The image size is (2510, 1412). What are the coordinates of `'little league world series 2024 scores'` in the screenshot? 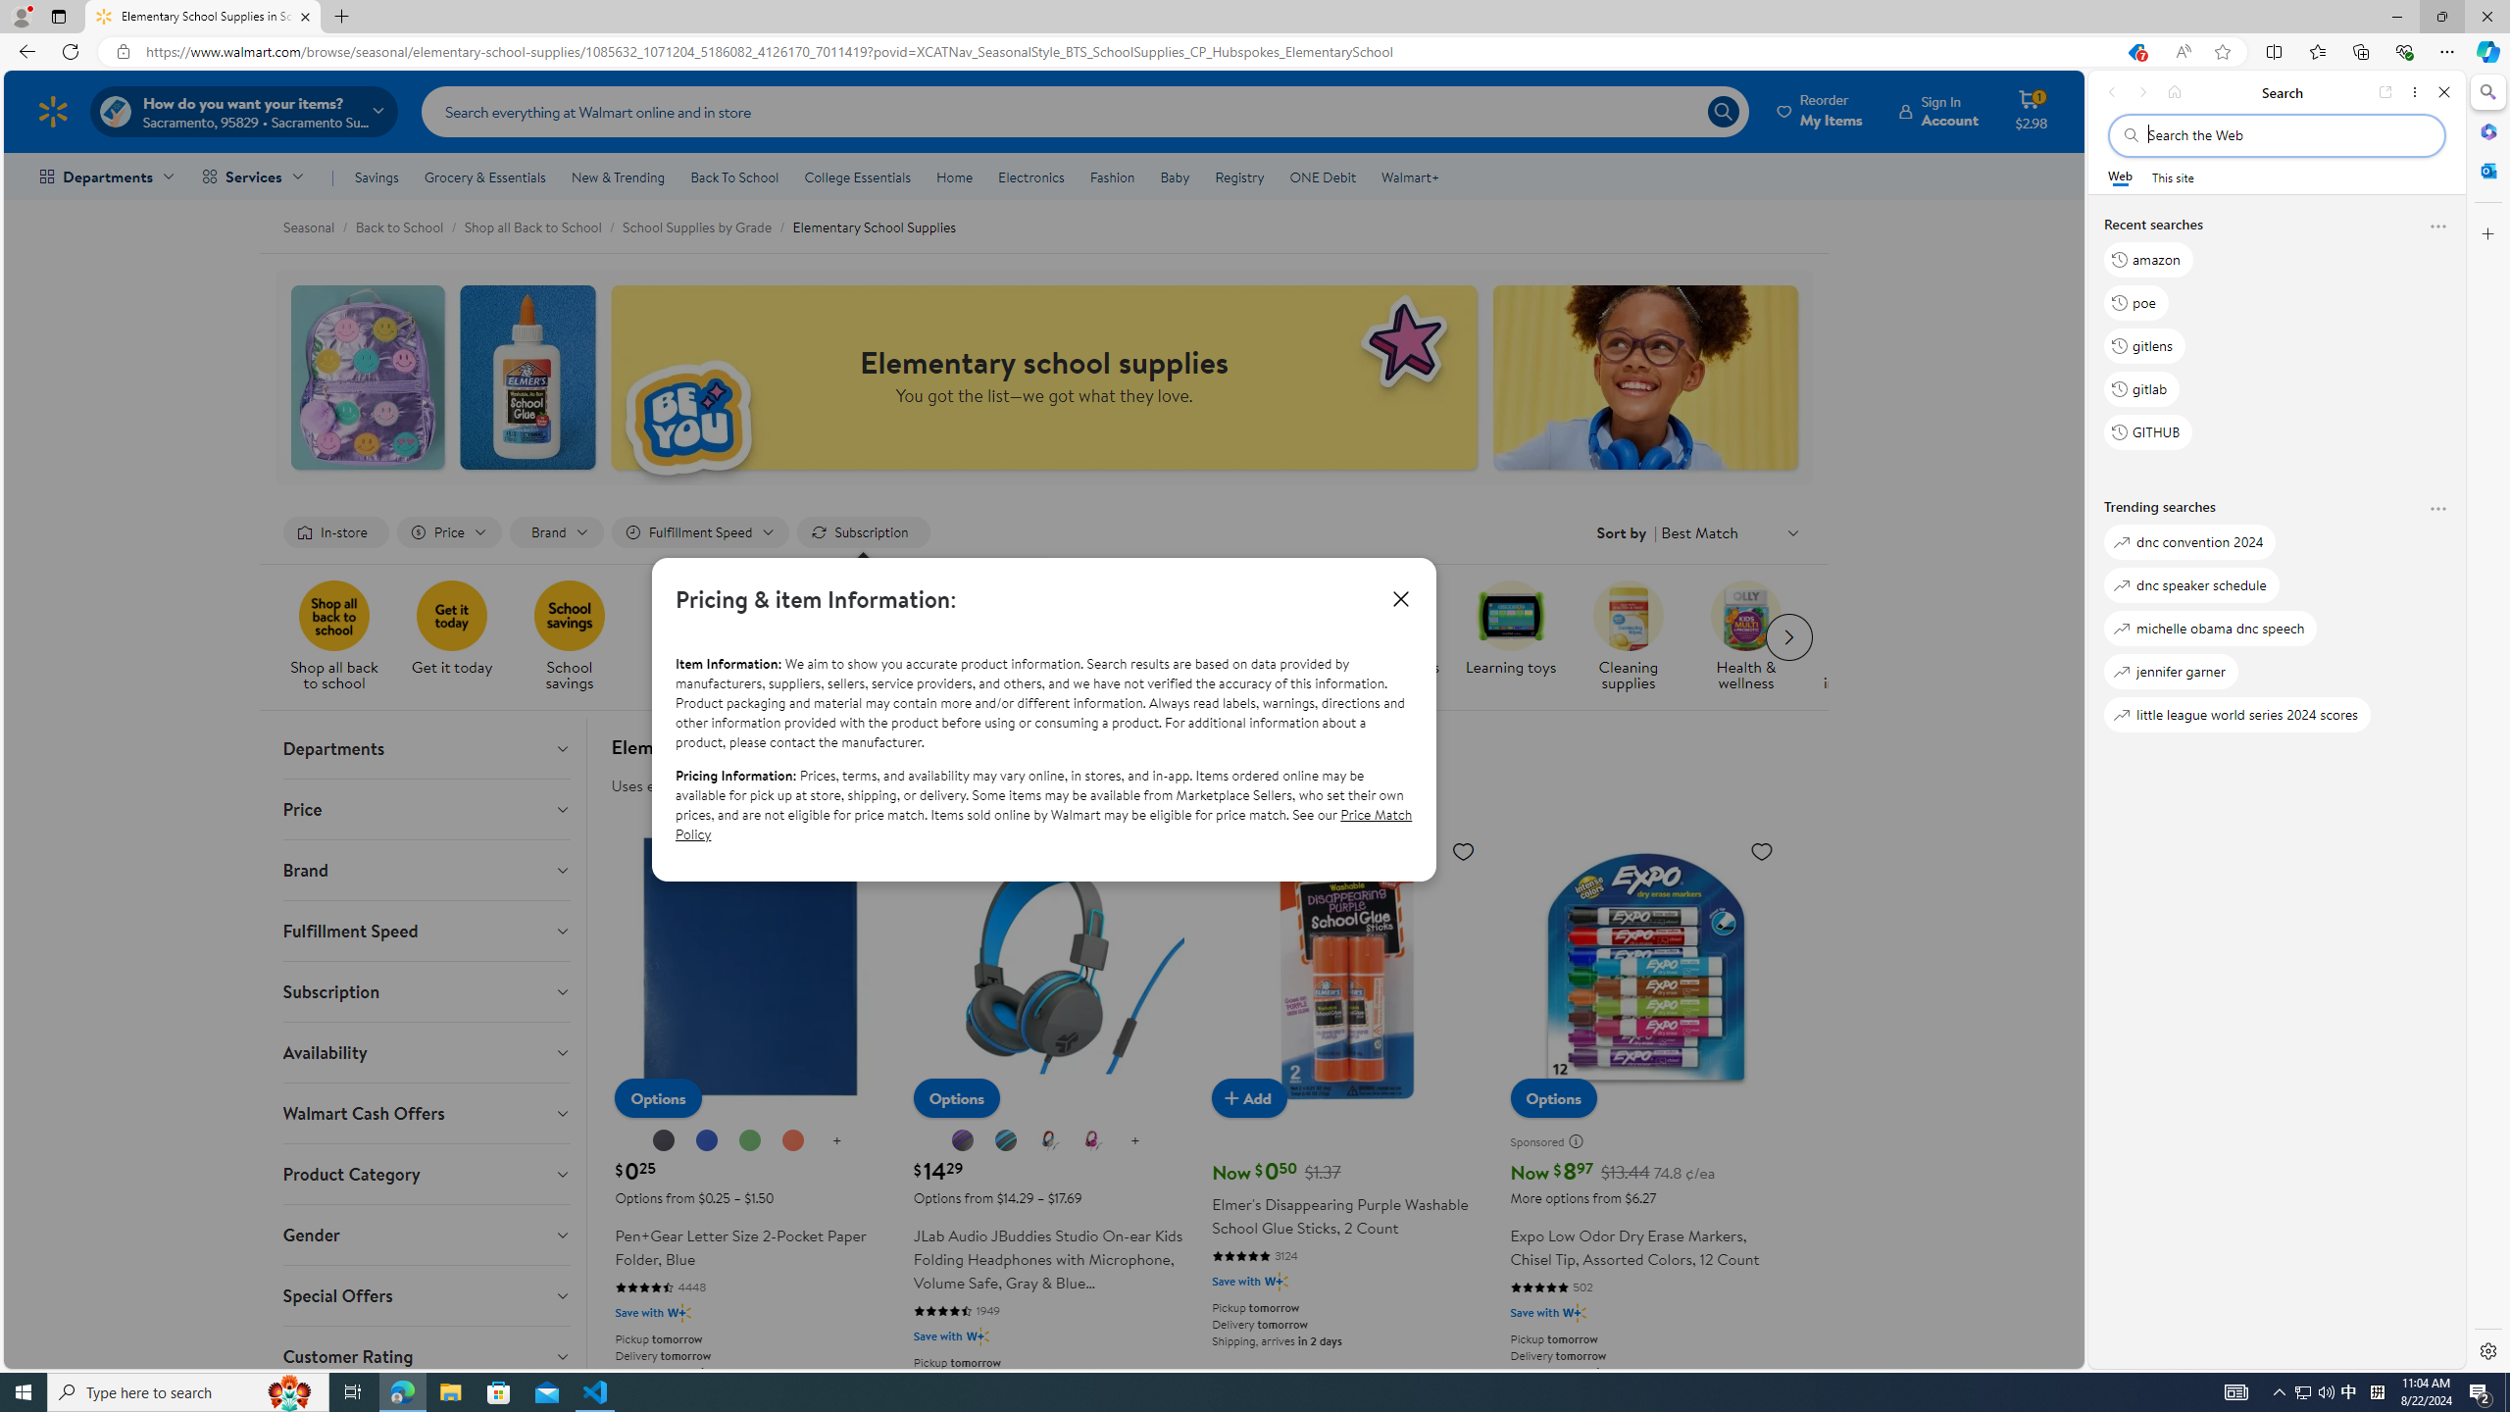 It's located at (2237, 714).